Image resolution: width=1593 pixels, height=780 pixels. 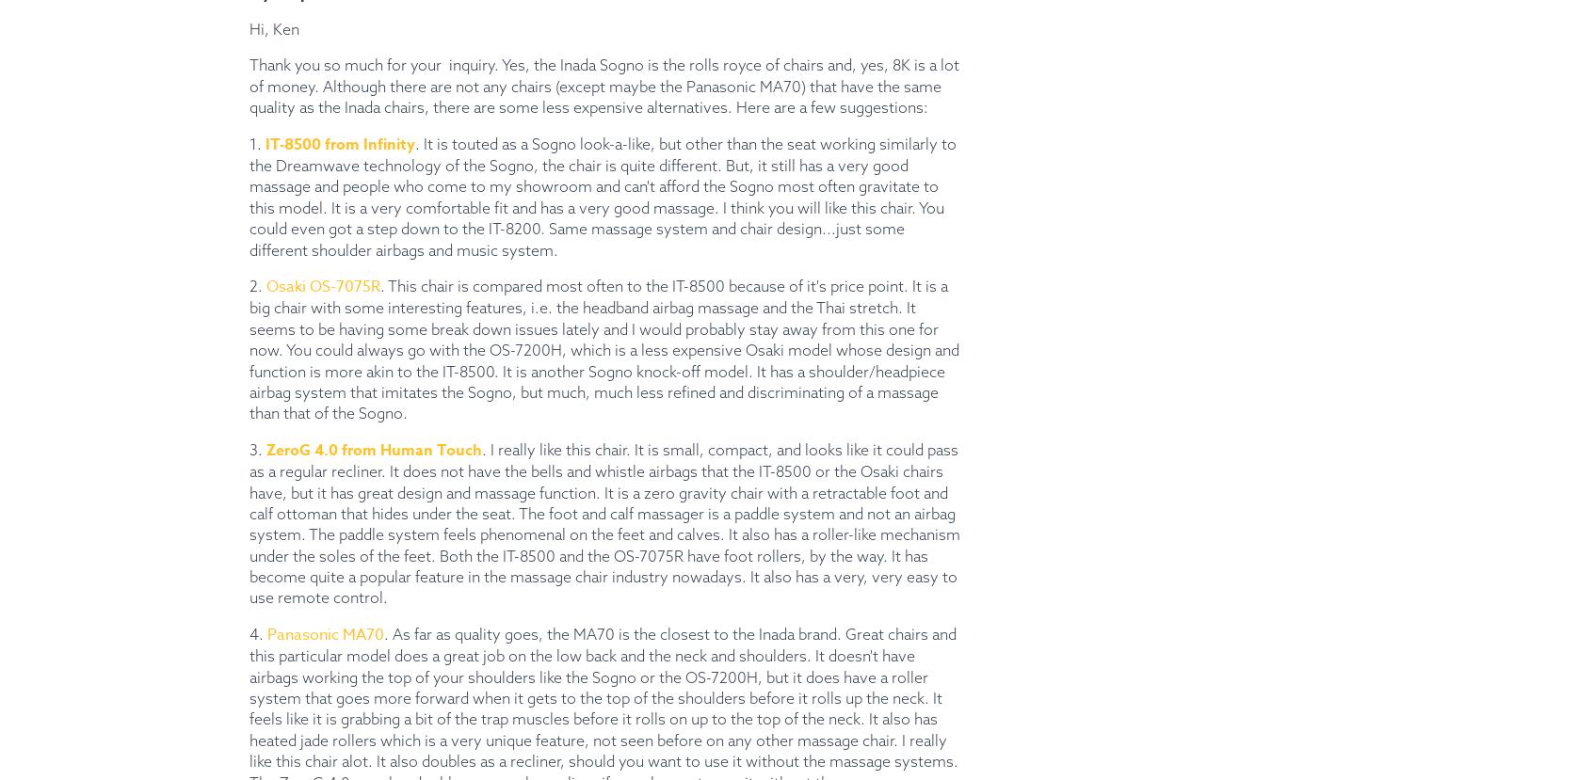 I want to click on '. This chair is compared most often to the IT-8500 because of it's price point. It is a big chair with some interesting features, i.e. the headband airbag massage and the Thai stretch. It seems to be having some break down issues lately and I would probably stay away from this one for now. You could always go with the OS-7200H, which is a less expensive Osaki model whose design and function is more akin to the IT-8500. It is another Sogno knock-off model. It has a shoulder/headpiece airbag system that imitates the Sogno, but much, much less refined and discriminating of a massage than that of the Sogno.', so click(x=603, y=348).